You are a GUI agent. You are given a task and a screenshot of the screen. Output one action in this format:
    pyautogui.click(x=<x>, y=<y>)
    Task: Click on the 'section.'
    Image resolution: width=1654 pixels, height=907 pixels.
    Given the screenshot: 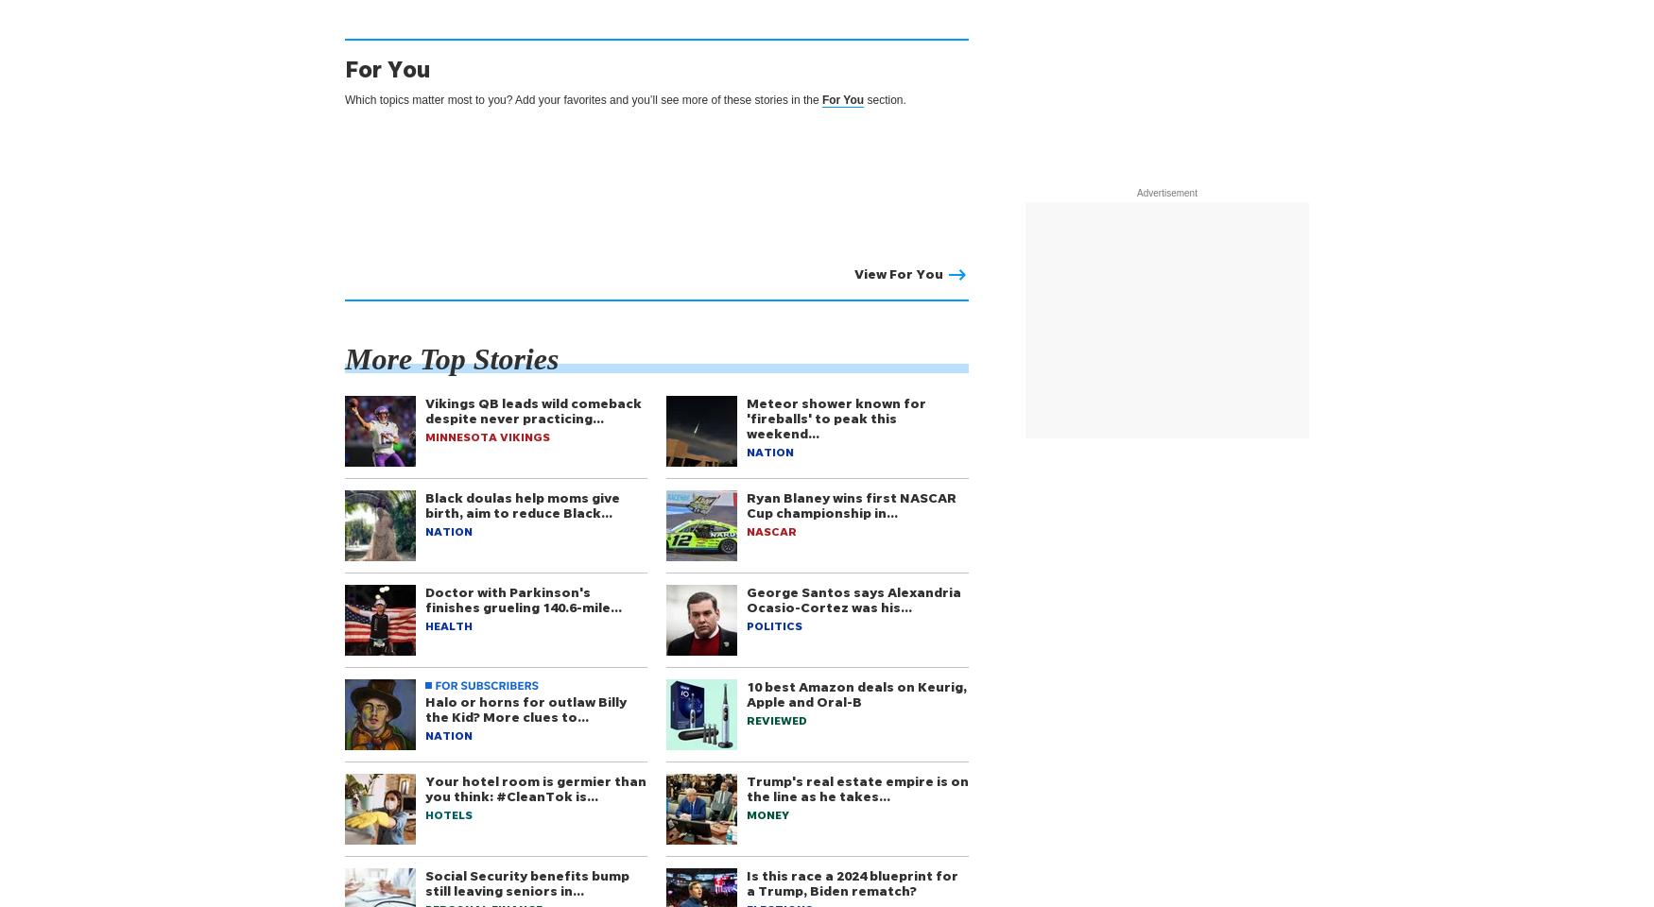 What is the action you would take?
    pyautogui.click(x=884, y=99)
    